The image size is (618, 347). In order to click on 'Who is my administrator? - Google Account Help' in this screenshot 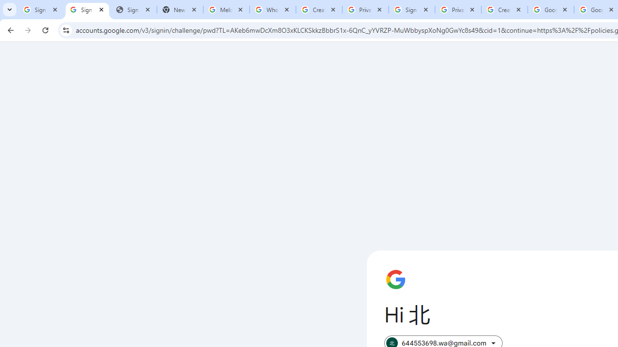, I will do `click(272, 10)`.